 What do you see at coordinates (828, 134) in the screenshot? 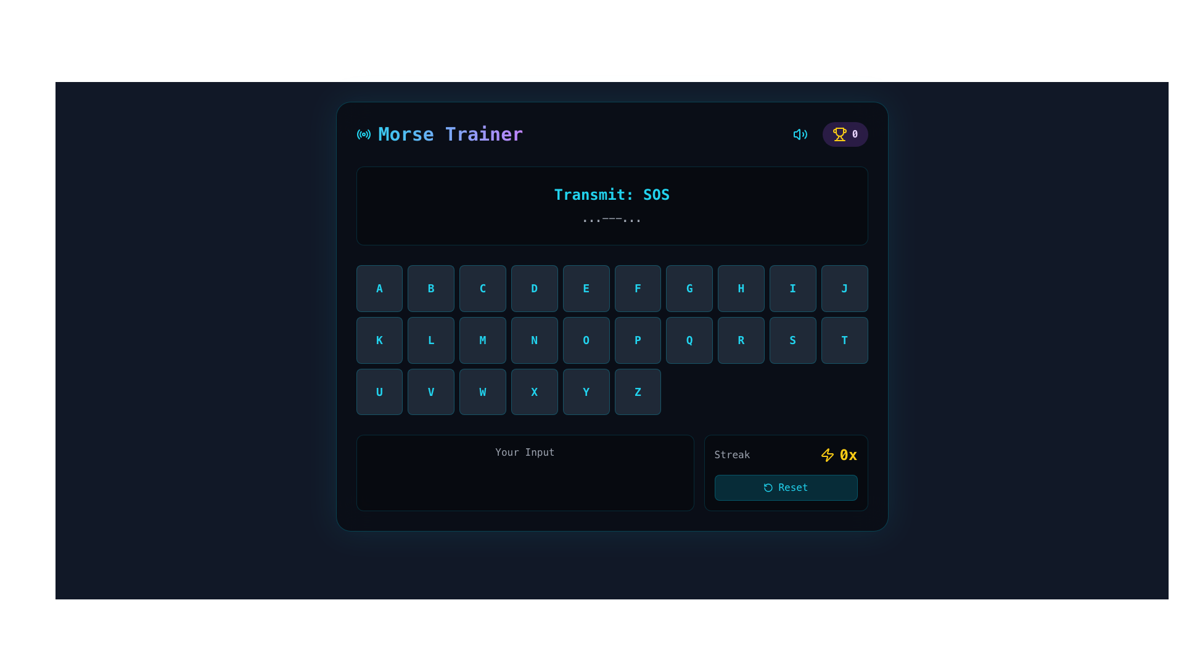
I see `the Score indicator, which is a small circular icon with a yellow trophy symbol and the number '0' in light purple font, located in the top right section of the application interface` at bounding box center [828, 134].